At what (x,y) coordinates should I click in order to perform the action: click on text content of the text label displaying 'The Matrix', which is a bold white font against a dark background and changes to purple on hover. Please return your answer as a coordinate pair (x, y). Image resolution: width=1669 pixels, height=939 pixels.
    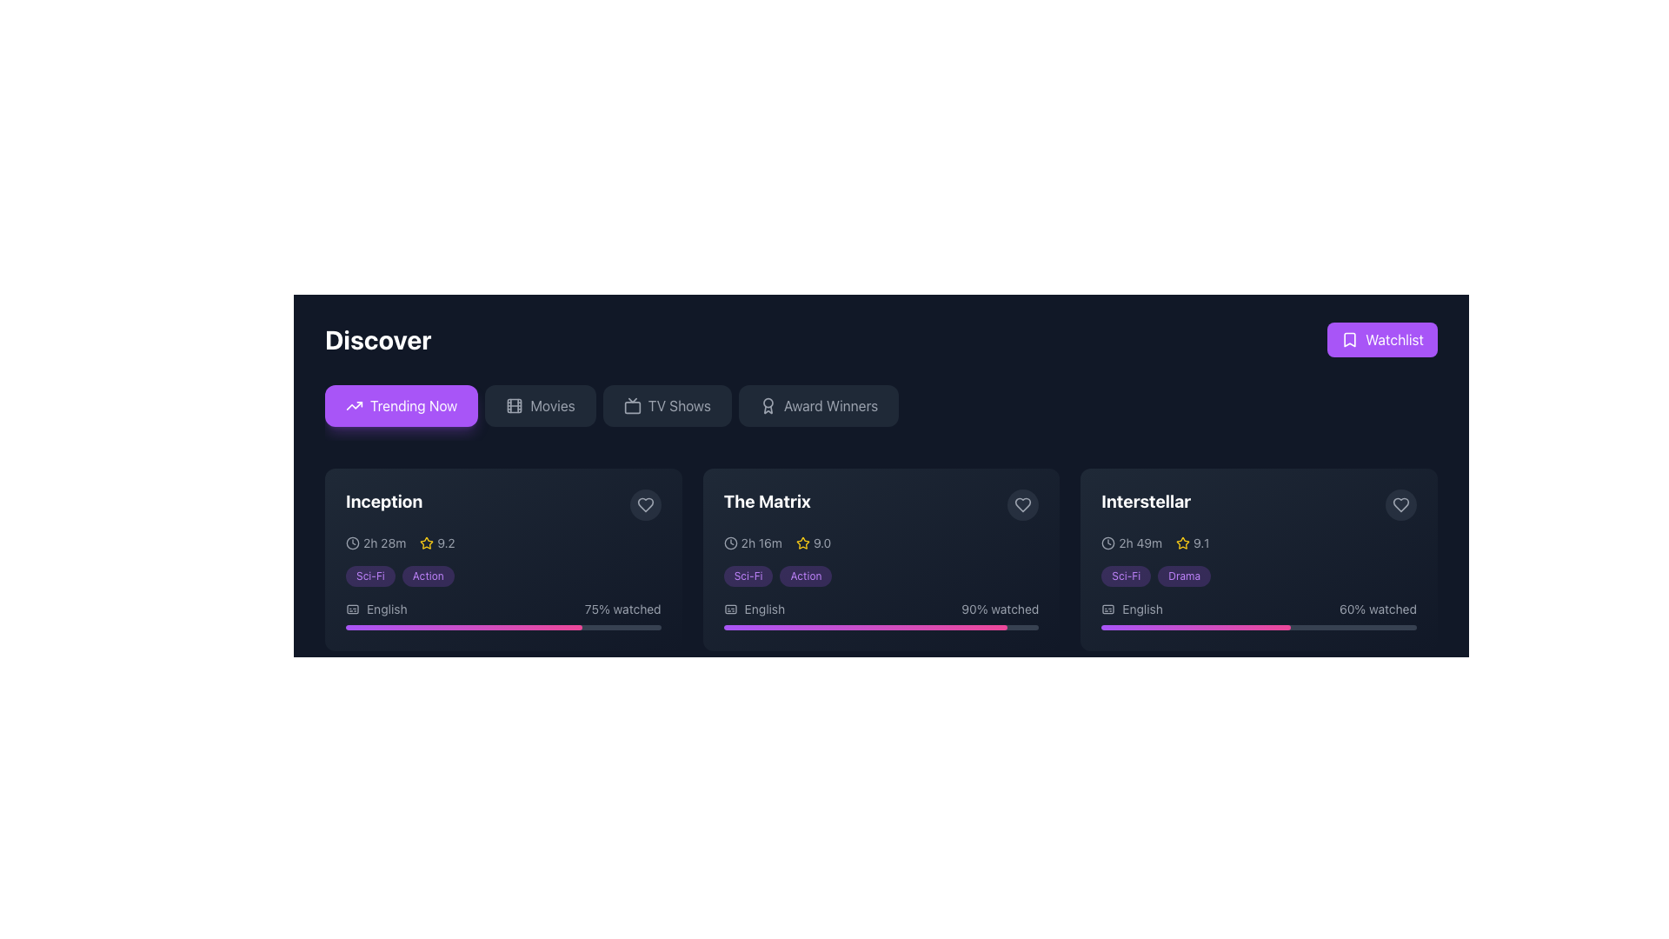
    Looking at the image, I should click on (766, 502).